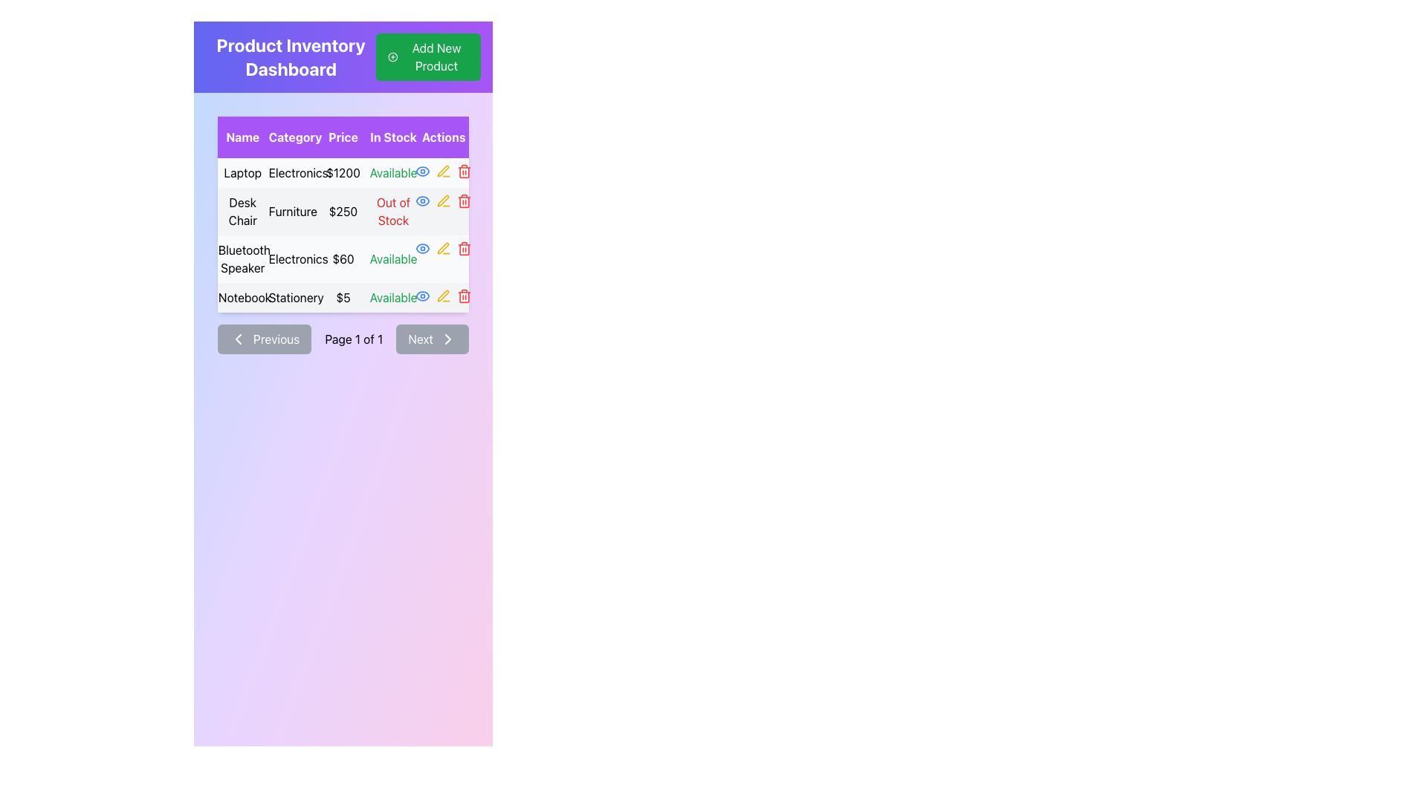  I want to click on the yellow editing icon, the second icon in the action column of the first row, so click(443, 171).